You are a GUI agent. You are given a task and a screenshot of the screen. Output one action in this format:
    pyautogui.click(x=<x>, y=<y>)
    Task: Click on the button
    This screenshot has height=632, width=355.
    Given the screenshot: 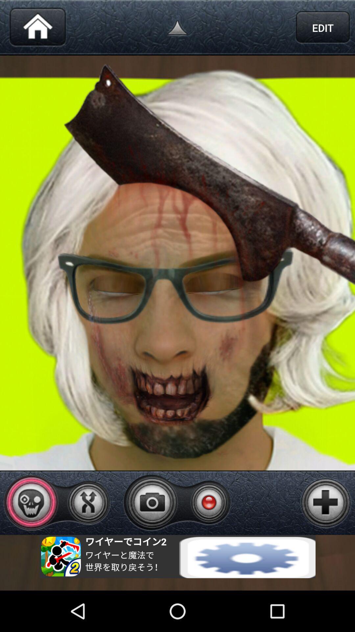 What is the action you would take?
    pyautogui.click(x=326, y=502)
    